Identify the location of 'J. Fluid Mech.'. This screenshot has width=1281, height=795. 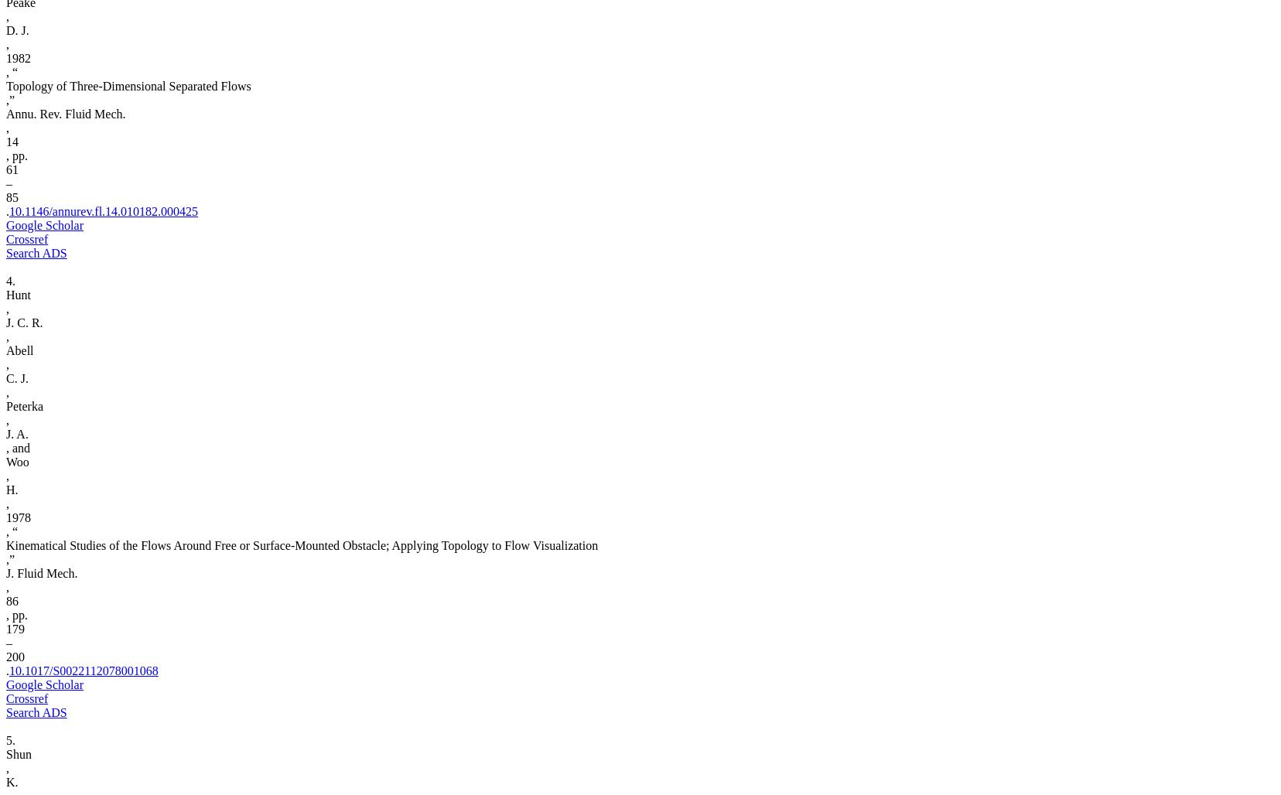
(40, 572).